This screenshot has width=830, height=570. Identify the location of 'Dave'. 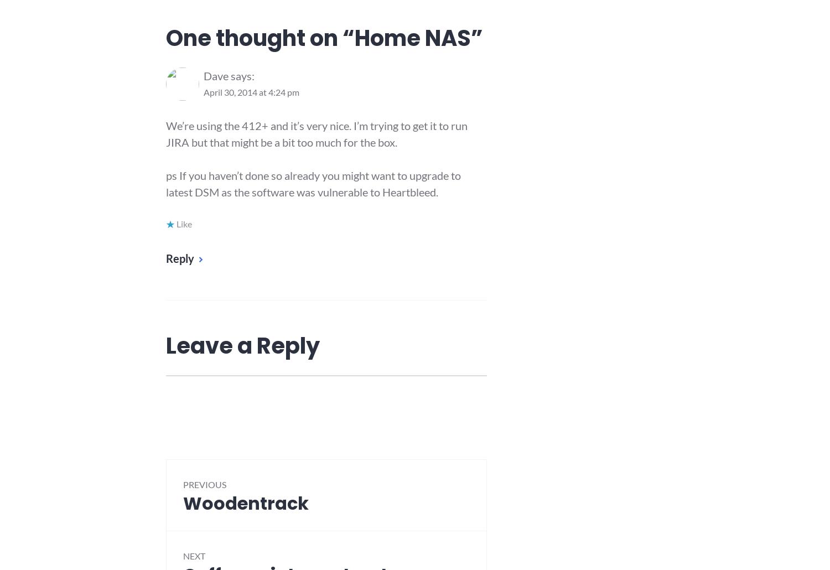
(215, 75).